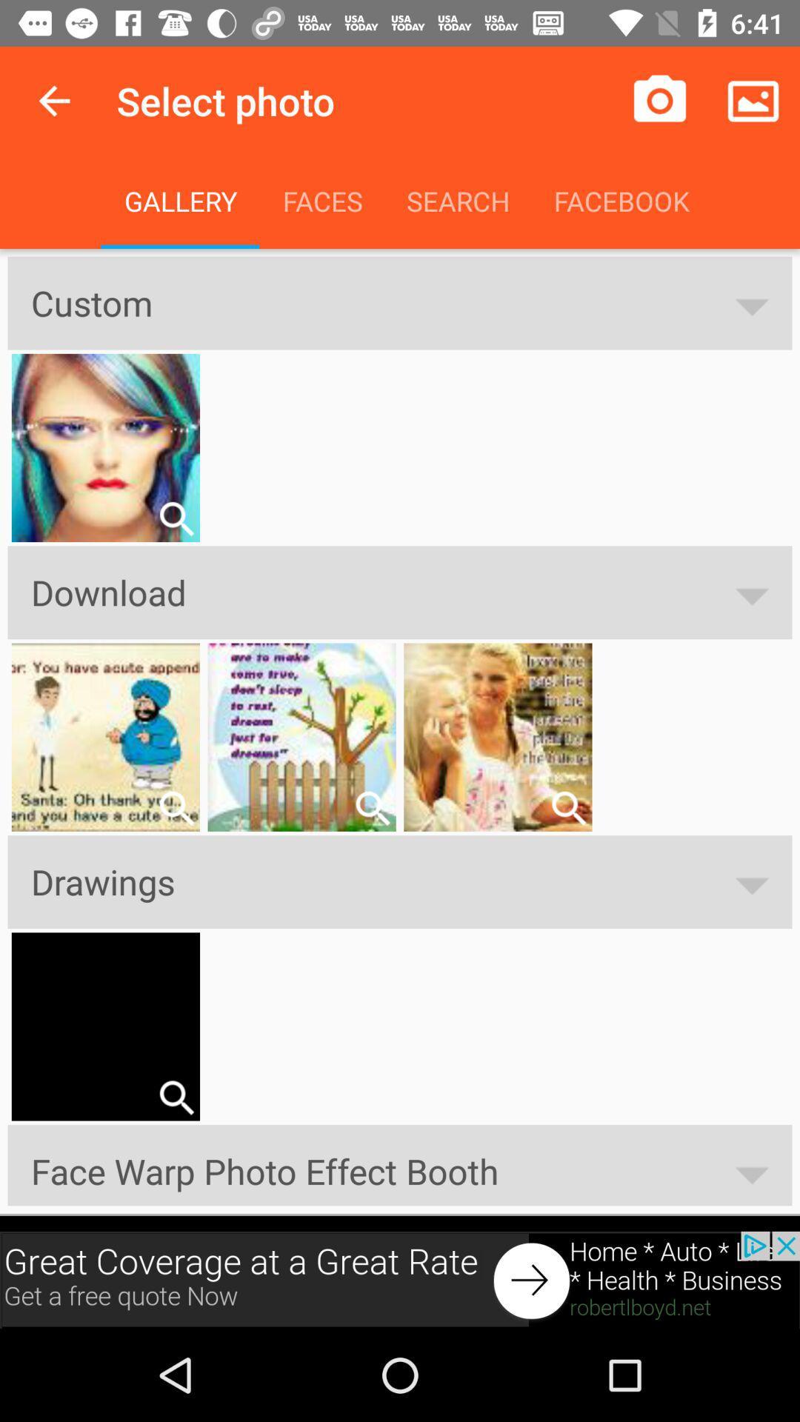 The height and width of the screenshot is (1422, 800). I want to click on launch advertisement link, so click(400, 1279).